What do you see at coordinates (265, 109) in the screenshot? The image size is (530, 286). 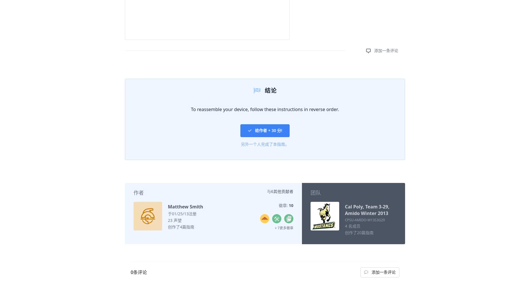 I see `'To reassemble your device, follow these instructions in reverse order.'` at bounding box center [265, 109].